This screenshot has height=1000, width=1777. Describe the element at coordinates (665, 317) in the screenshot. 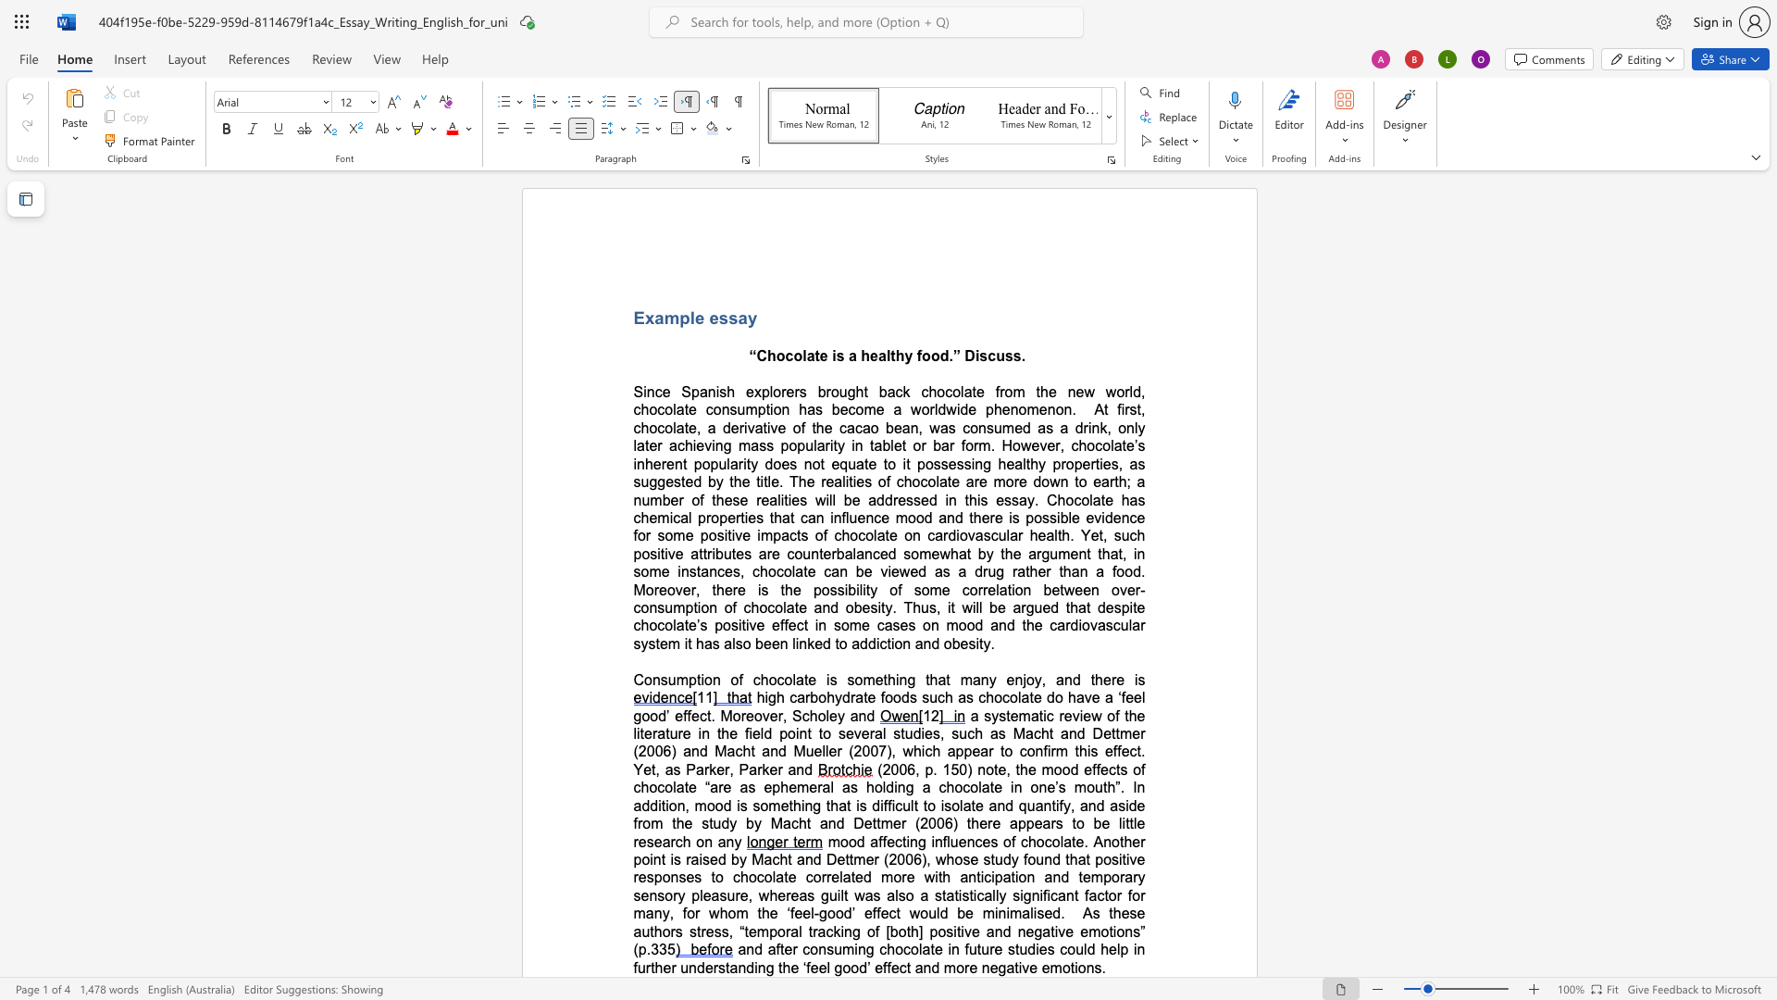

I see `the space between the continuous character "a" and "m" in the text` at that location.